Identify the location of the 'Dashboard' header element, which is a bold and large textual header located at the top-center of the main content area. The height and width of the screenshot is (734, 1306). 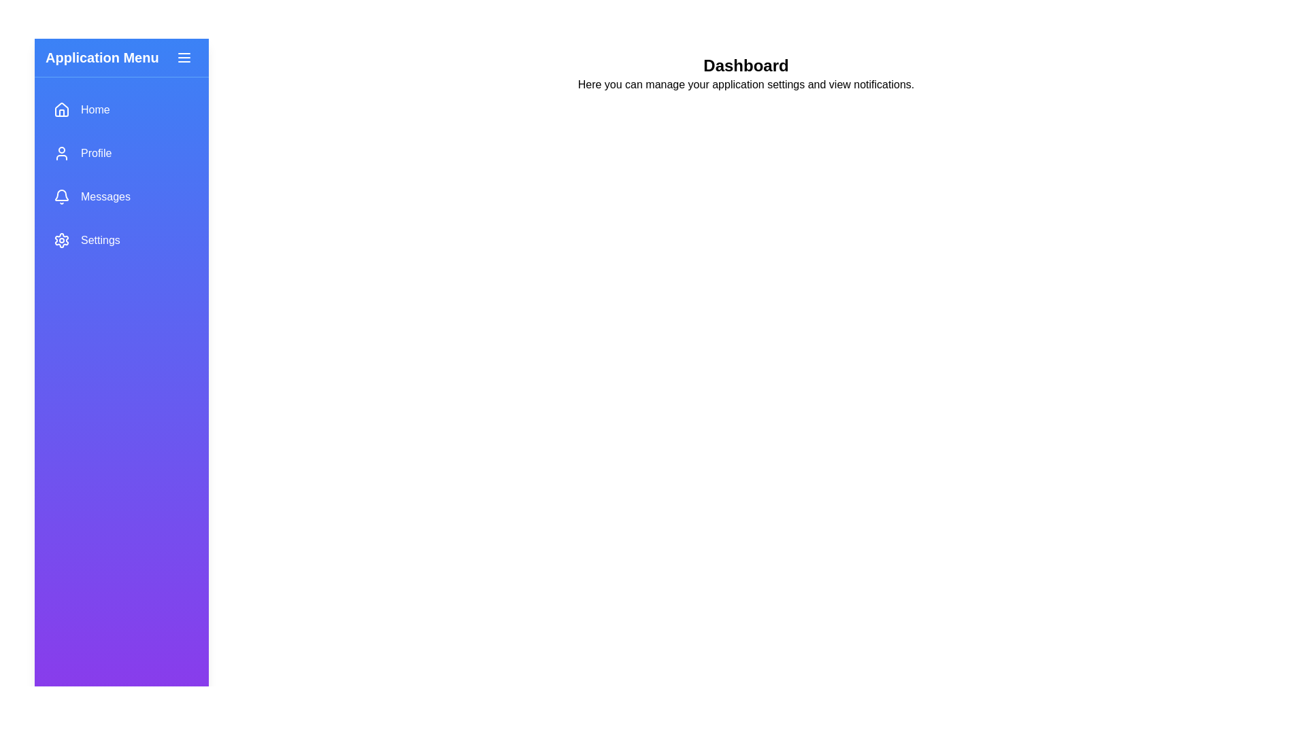
(746, 65).